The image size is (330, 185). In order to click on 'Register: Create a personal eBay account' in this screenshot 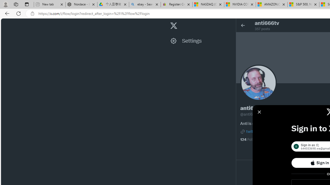, I will do `click(176, 4)`.